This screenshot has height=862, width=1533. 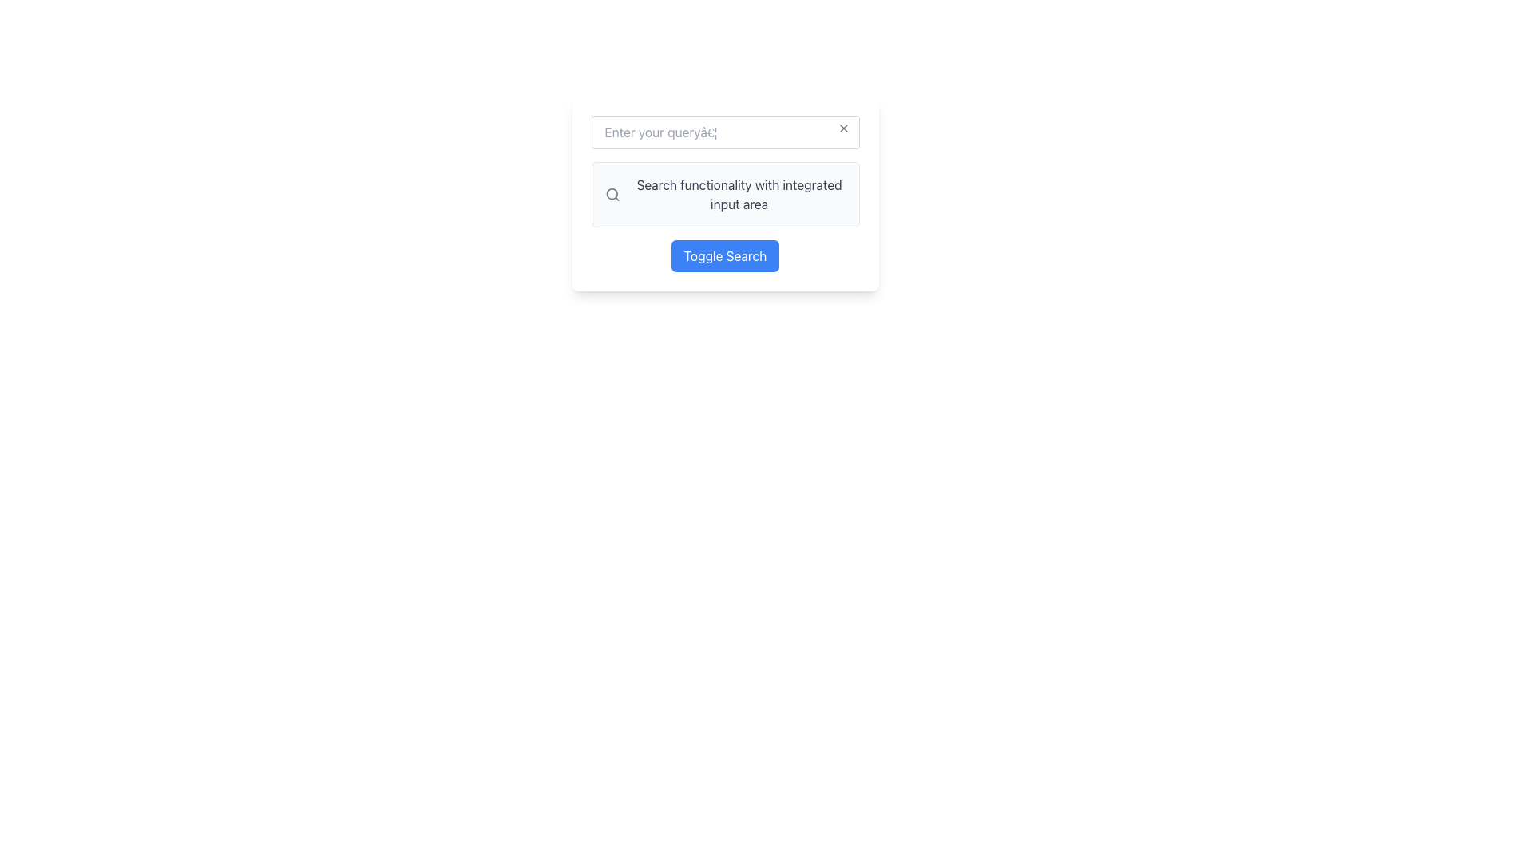 What do you see at coordinates (724, 193) in the screenshot?
I see `the informational message box with a light gray background that contains a magnifying glass icon and the text 'Search functionality with integrated input area'` at bounding box center [724, 193].